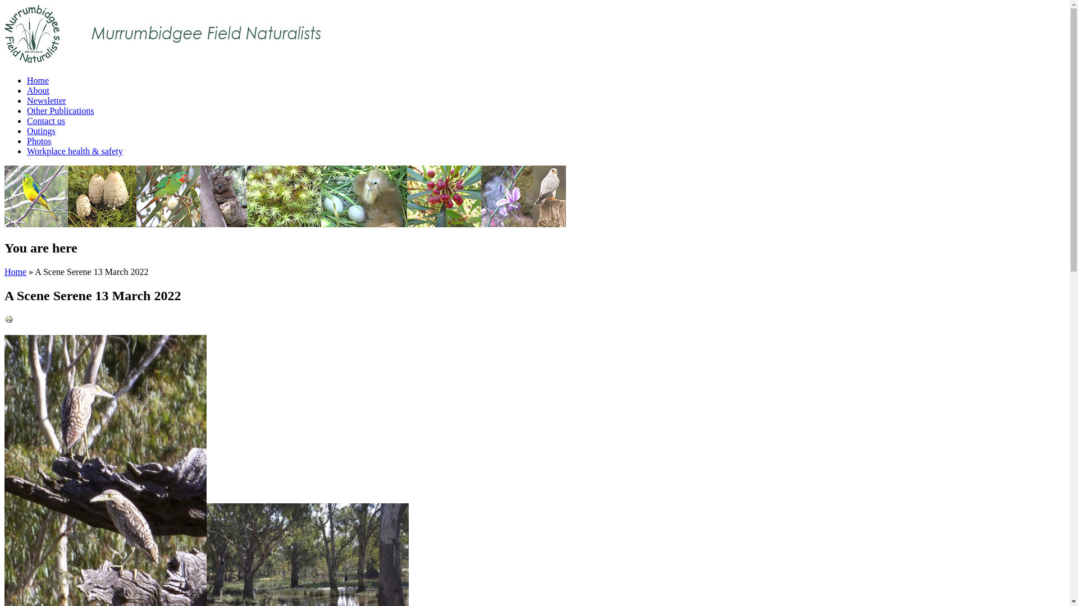 This screenshot has height=606, width=1078. Describe the element at coordinates (74, 150) in the screenshot. I see `'Workplace health & safety'` at that location.